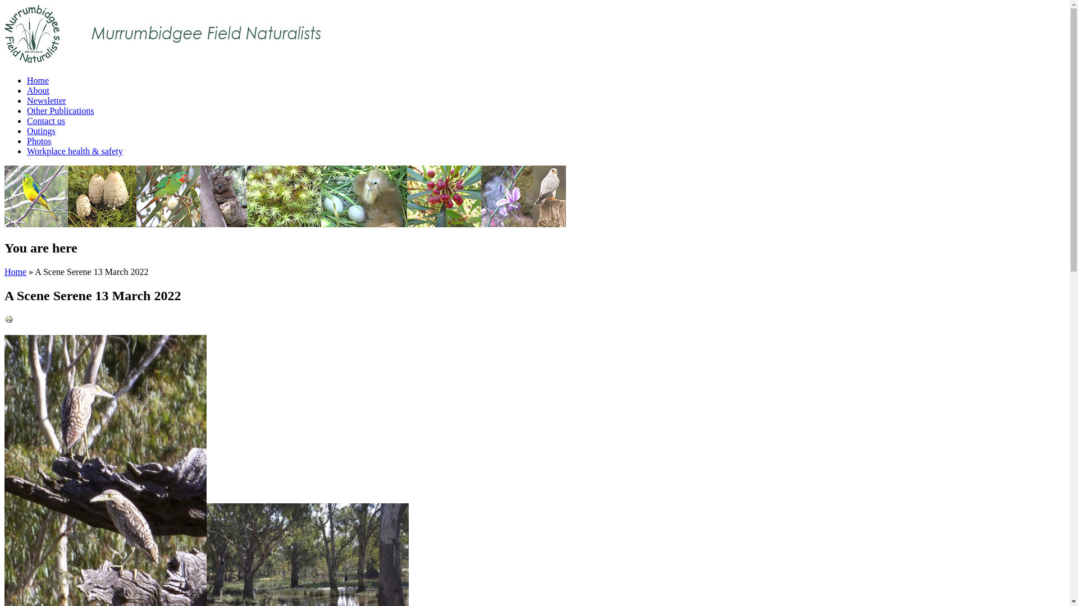 This screenshot has height=606, width=1078. Describe the element at coordinates (74, 150) in the screenshot. I see `'Workplace health & safety'` at that location.